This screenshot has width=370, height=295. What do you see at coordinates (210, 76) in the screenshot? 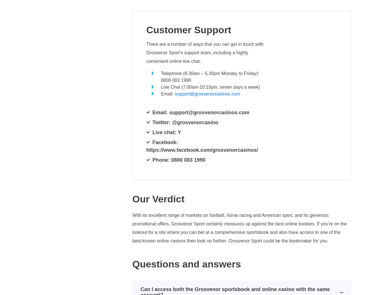
I see `'Telephone (9.30am – 5.30pm Monday to Friday): 0800 083 1990'` at bounding box center [210, 76].